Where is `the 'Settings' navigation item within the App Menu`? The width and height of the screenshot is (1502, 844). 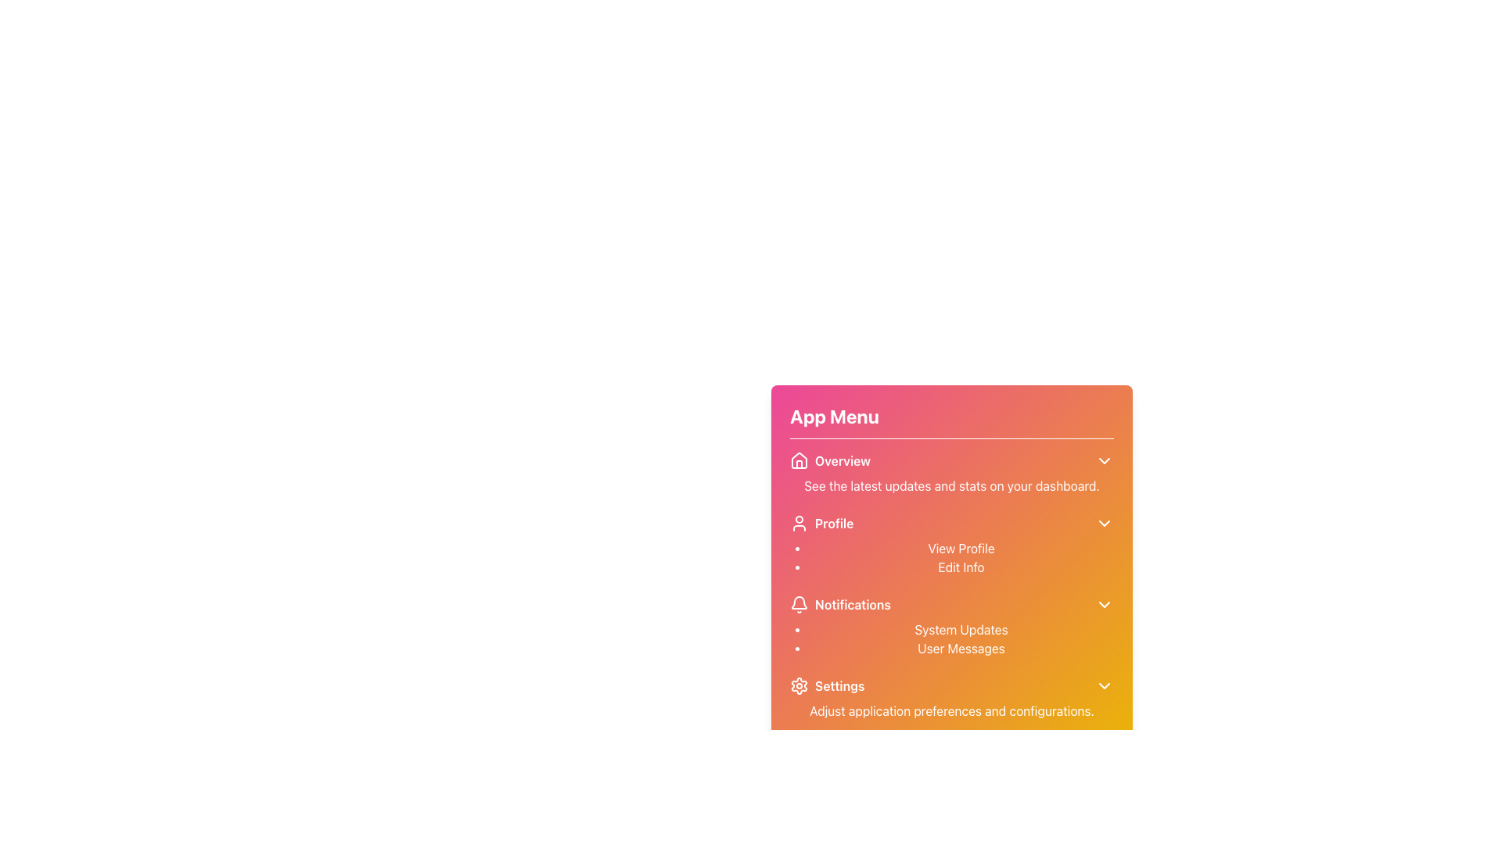 the 'Settings' navigation item within the App Menu is located at coordinates (826, 685).